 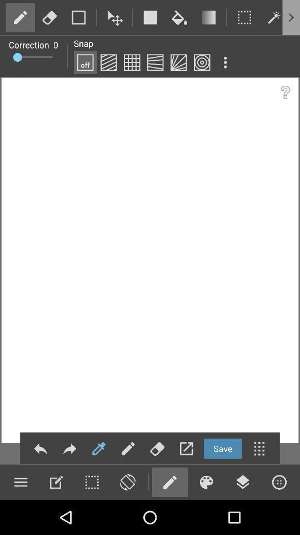 I want to click on the dialpad icon, so click(x=259, y=449).